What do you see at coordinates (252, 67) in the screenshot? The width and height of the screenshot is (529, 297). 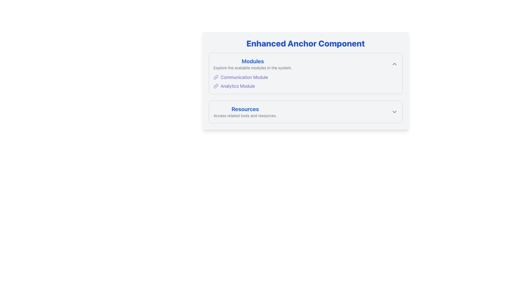 I see `information from the small gray text block located below the bold blue title 'Modules'` at bounding box center [252, 67].